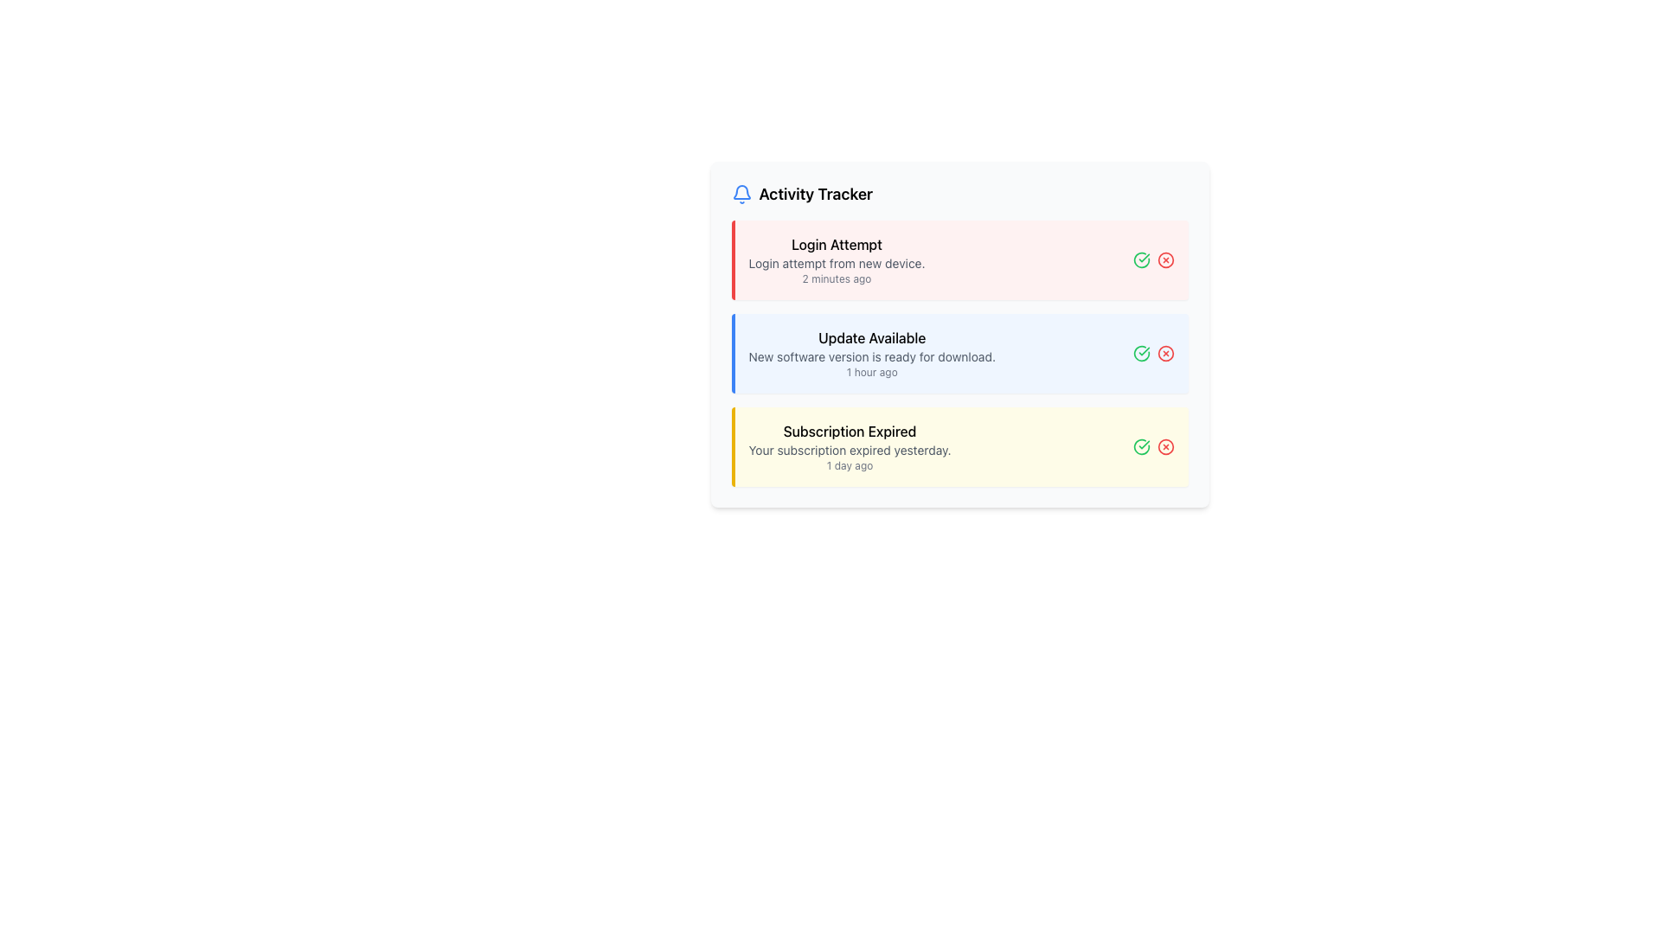 Image resolution: width=1661 pixels, height=934 pixels. Describe the element at coordinates (1153, 445) in the screenshot. I see `the green checkmark icon in the action button group located at the bottom of the 'Subscription Expired' notification box to confirm the action` at that location.